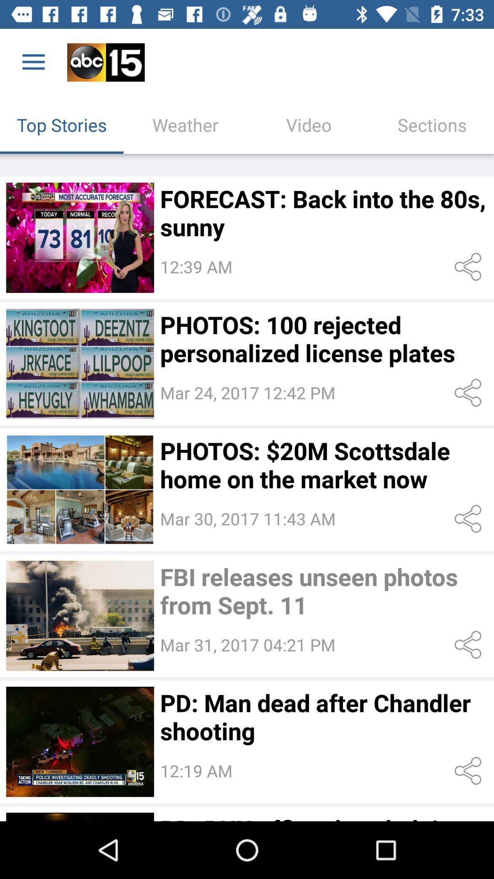 The height and width of the screenshot is (879, 494). I want to click on weather image photo, so click(80, 238).